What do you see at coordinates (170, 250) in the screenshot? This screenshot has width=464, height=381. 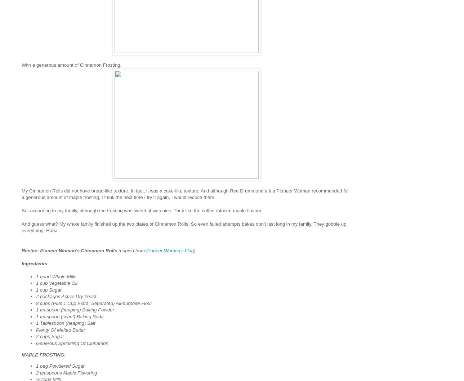 I see `'Pioneer Woman's blog'` at bounding box center [170, 250].